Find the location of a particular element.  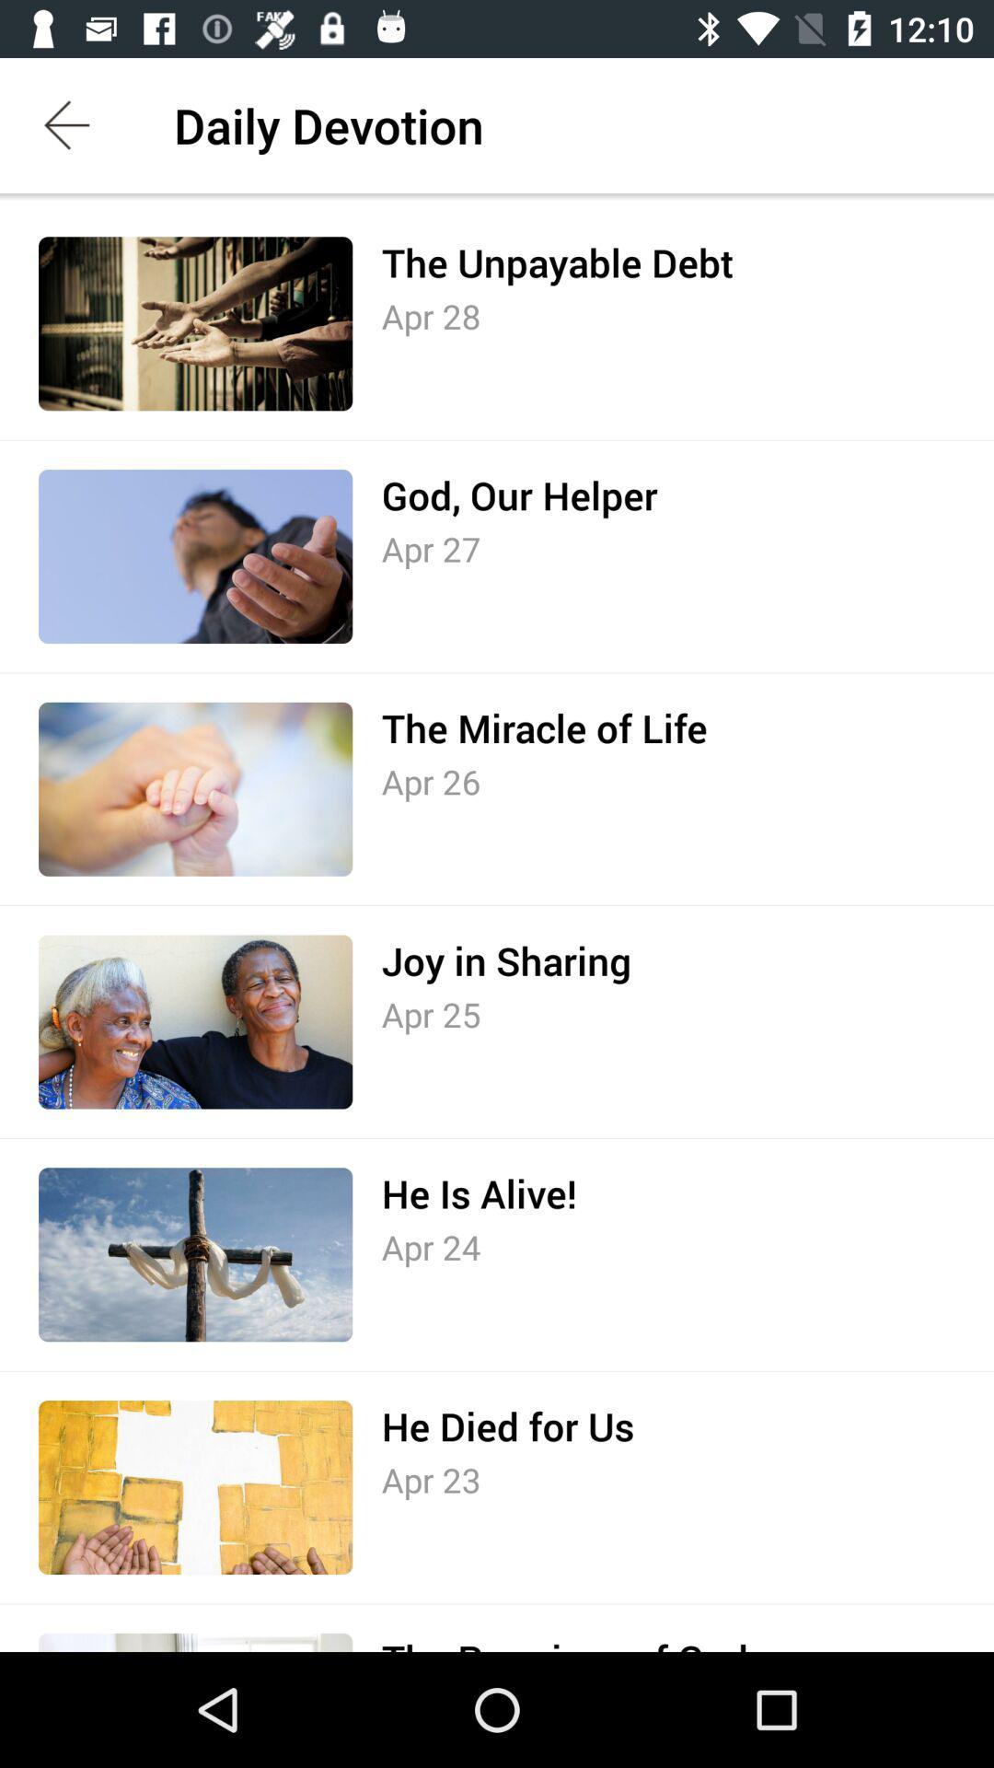

the item above the apr 25 item is located at coordinates (506, 960).